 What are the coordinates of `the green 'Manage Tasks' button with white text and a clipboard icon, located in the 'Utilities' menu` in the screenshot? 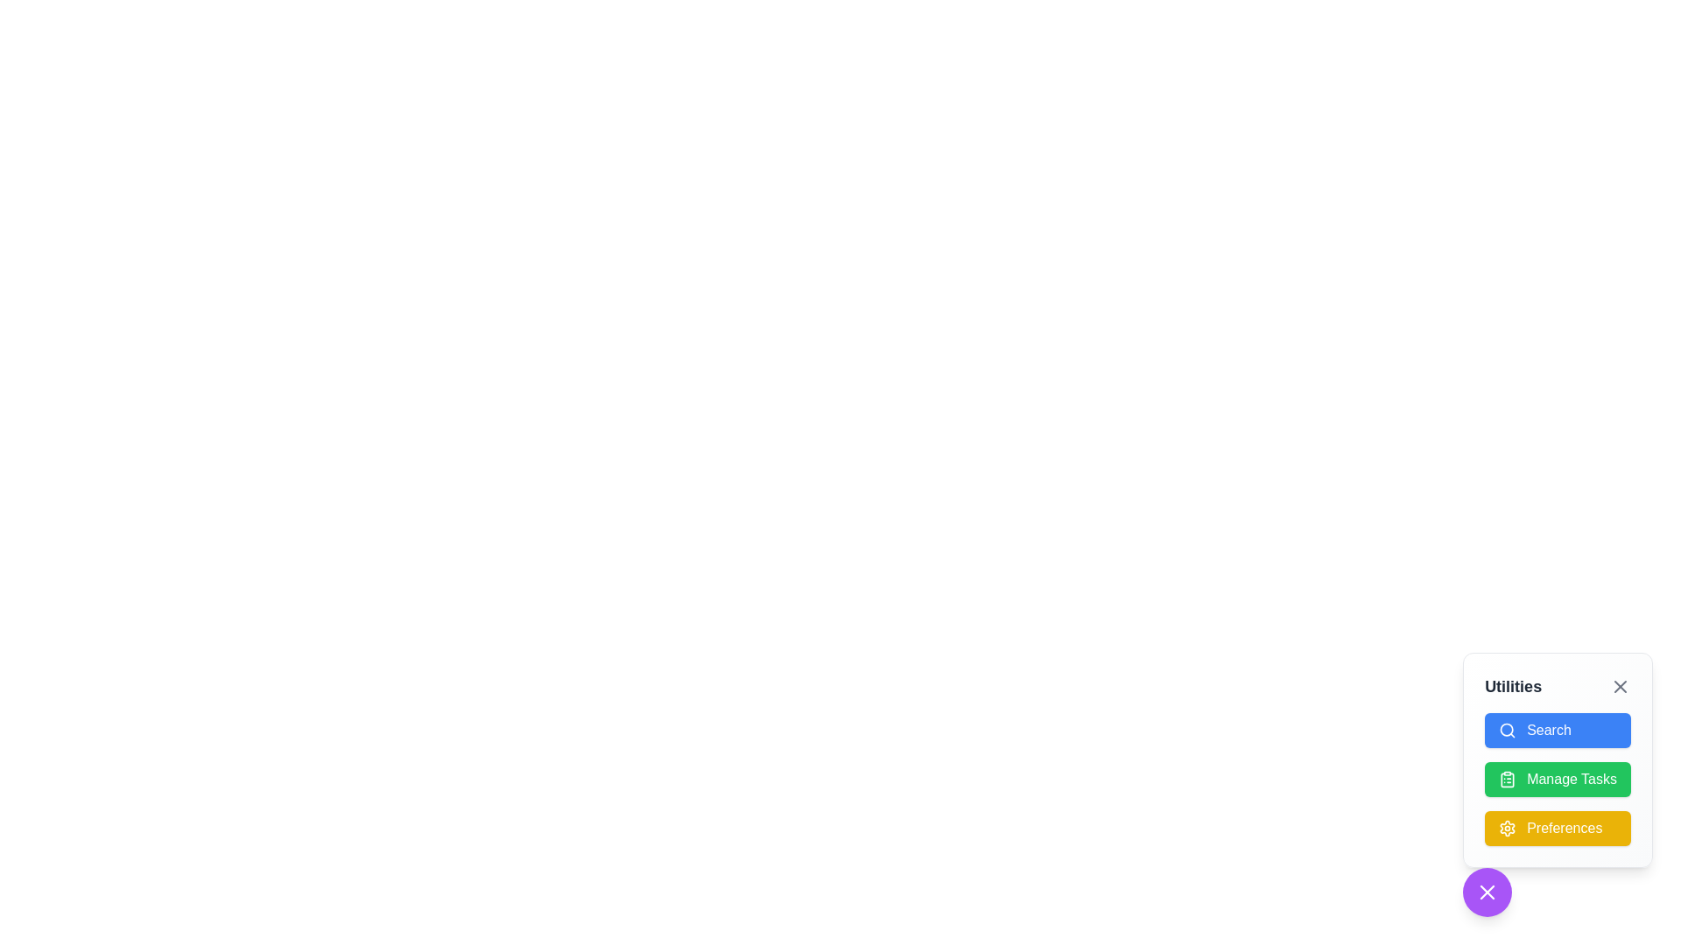 It's located at (1558, 779).